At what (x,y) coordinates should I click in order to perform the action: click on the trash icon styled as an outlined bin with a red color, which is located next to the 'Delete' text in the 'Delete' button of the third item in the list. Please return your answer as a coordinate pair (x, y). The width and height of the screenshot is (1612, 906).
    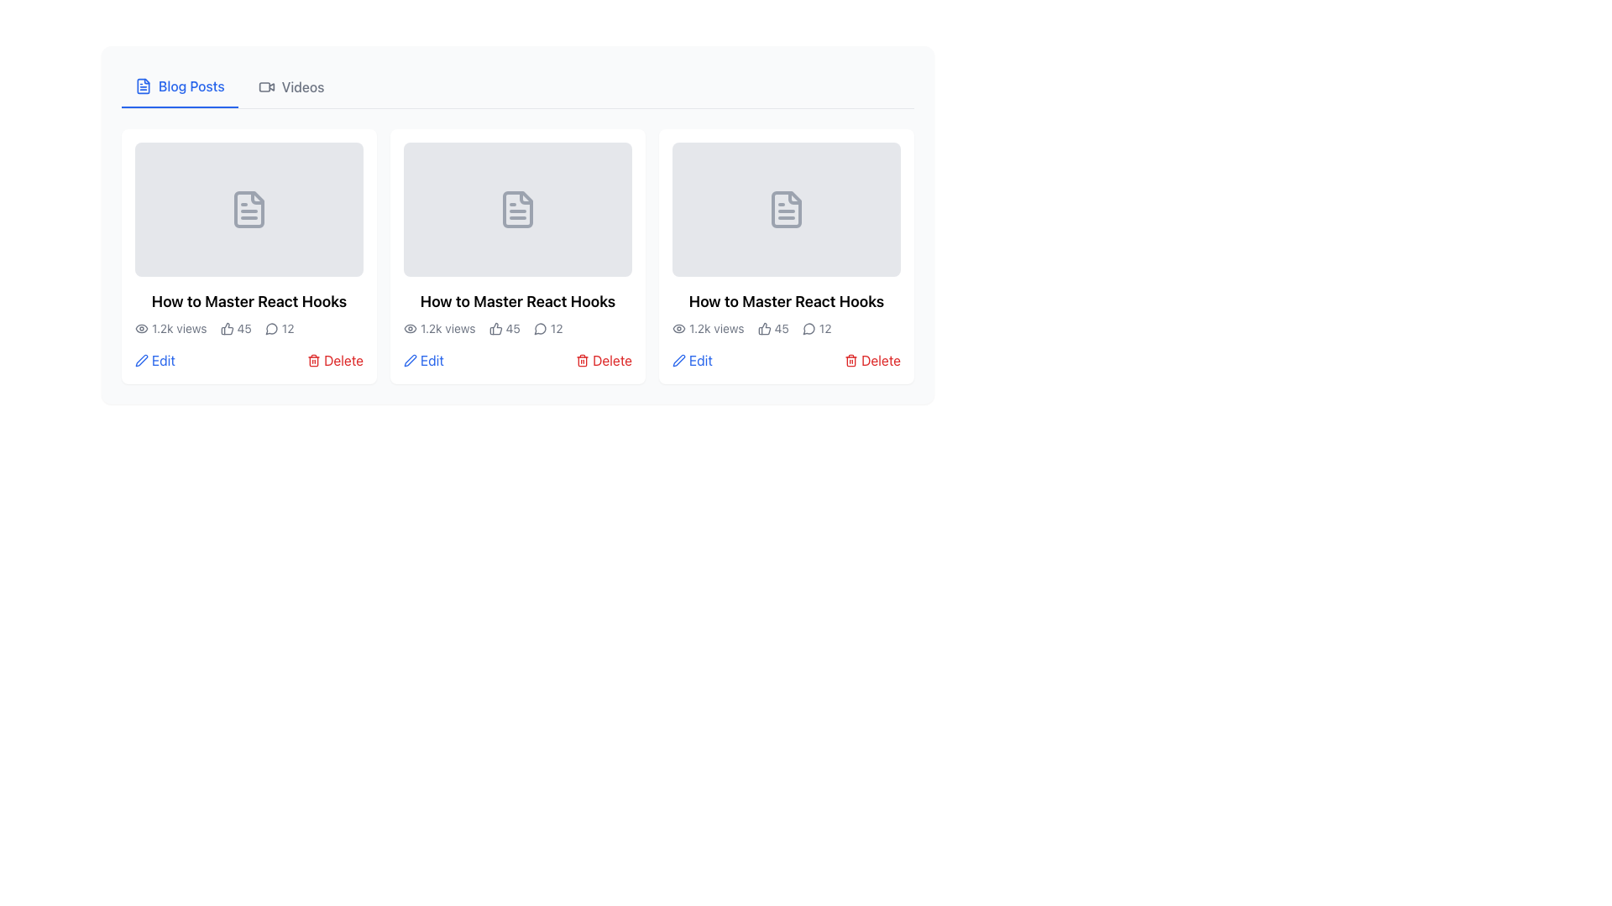
    Looking at the image, I should click on (314, 359).